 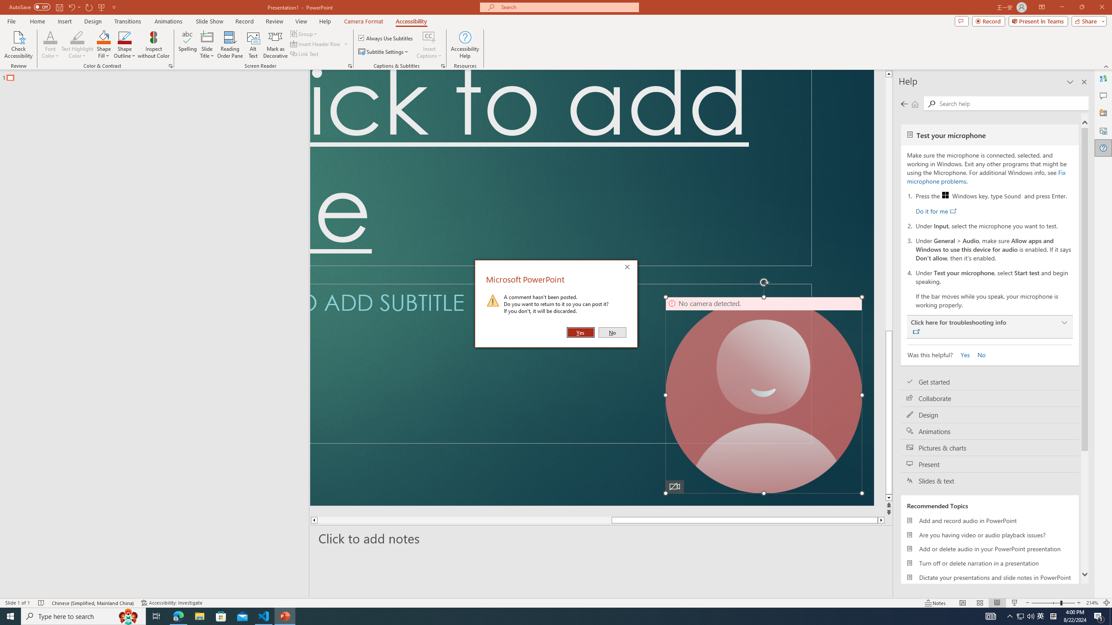 What do you see at coordinates (581, 332) in the screenshot?
I see `'Yes'` at bounding box center [581, 332].